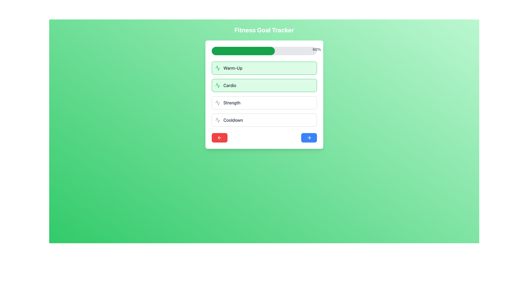 The width and height of the screenshot is (505, 284). What do you see at coordinates (219, 138) in the screenshot?
I see `the button located at the lower-left side of the interface's main card layout` at bounding box center [219, 138].